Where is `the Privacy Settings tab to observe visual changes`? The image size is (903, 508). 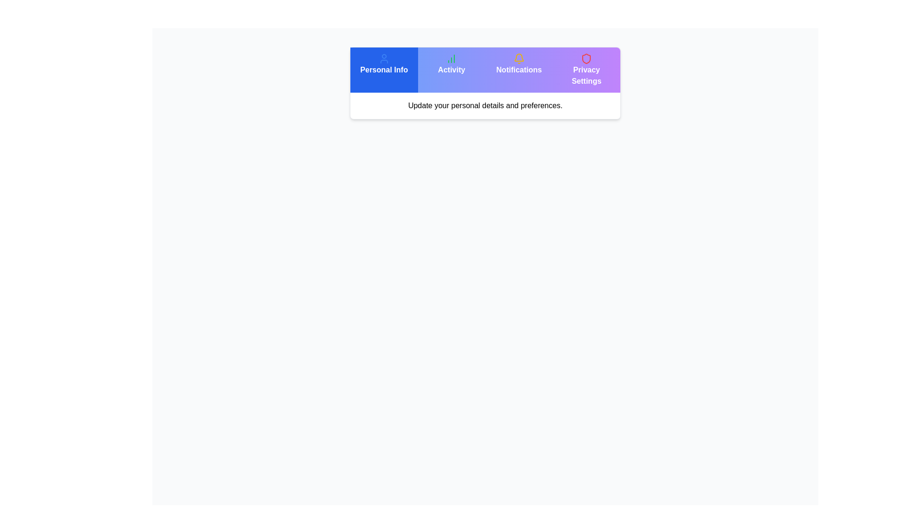
the Privacy Settings tab to observe visual changes is located at coordinates (586, 70).